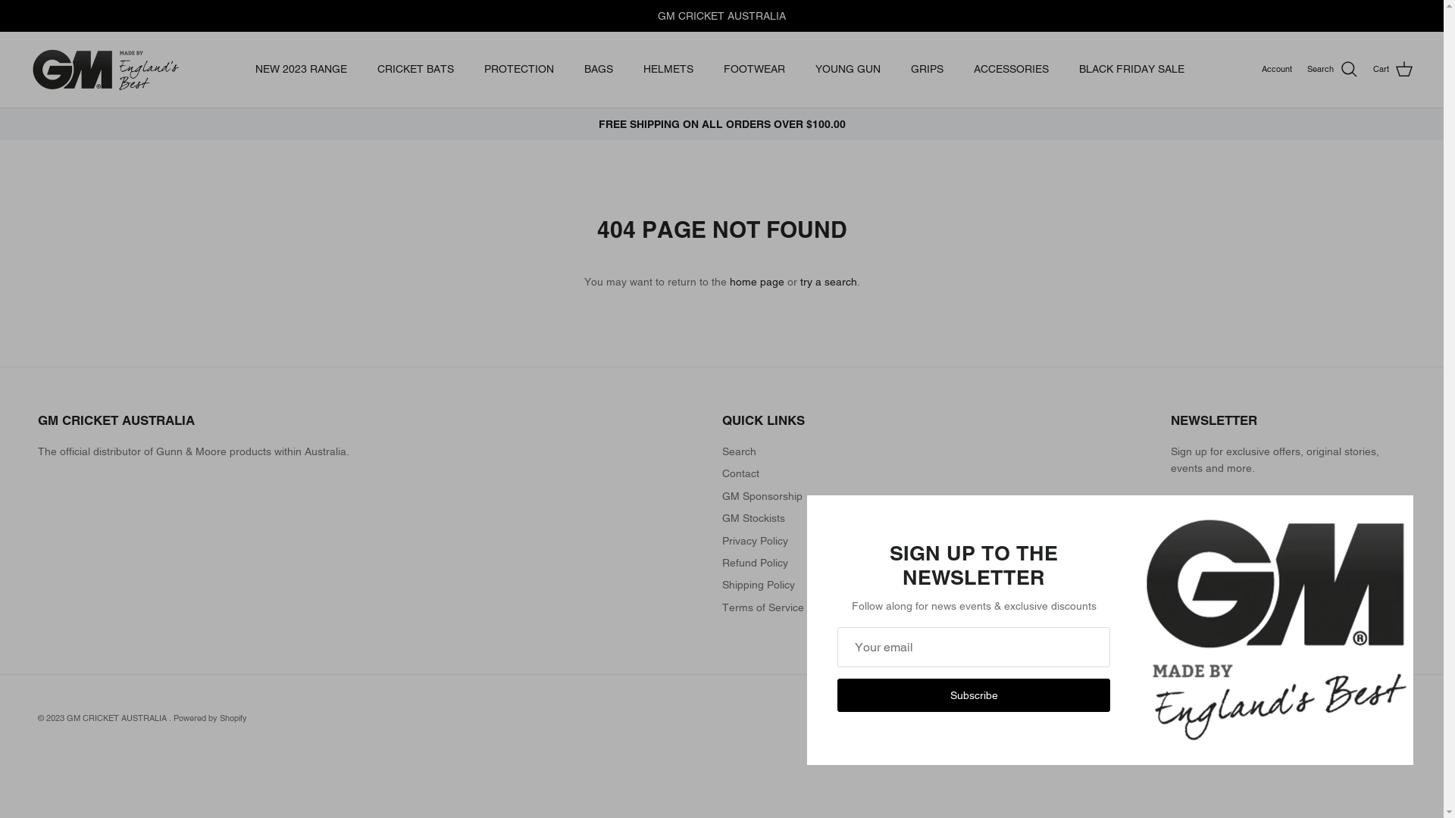 This screenshot has width=1455, height=818. Describe the element at coordinates (755, 563) in the screenshot. I see `'Refund Policy'` at that location.